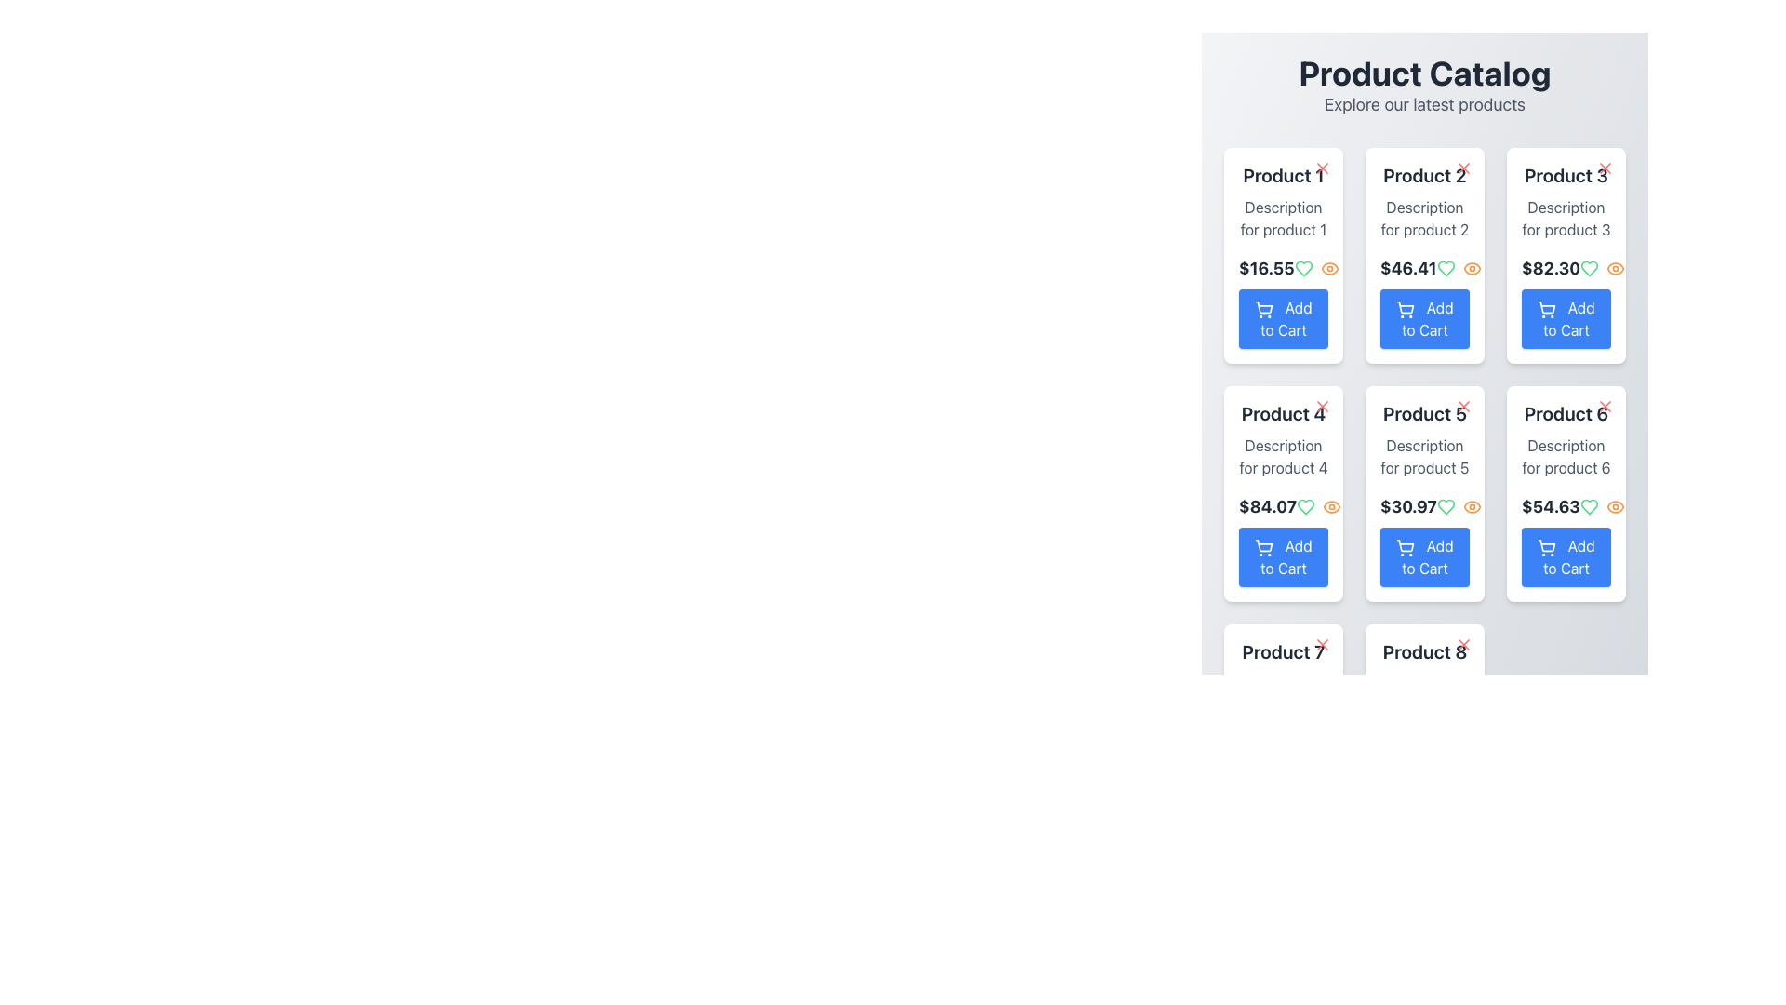 Image resolution: width=1786 pixels, height=1005 pixels. What do you see at coordinates (1283, 176) in the screenshot?
I see `text label at the top of the product card in the first column and first row of the grid layout` at bounding box center [1283, 176].